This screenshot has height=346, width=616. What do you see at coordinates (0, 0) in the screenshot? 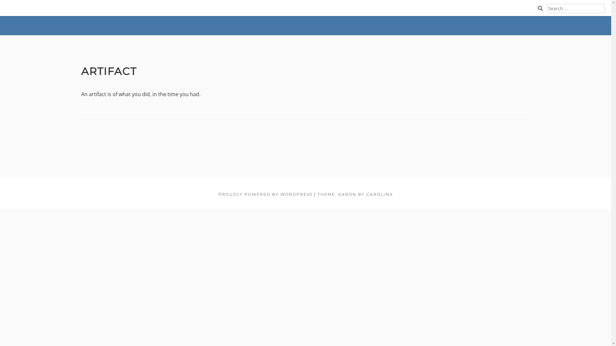
I see `'Skip to content'` at bounding box center [0, 0].